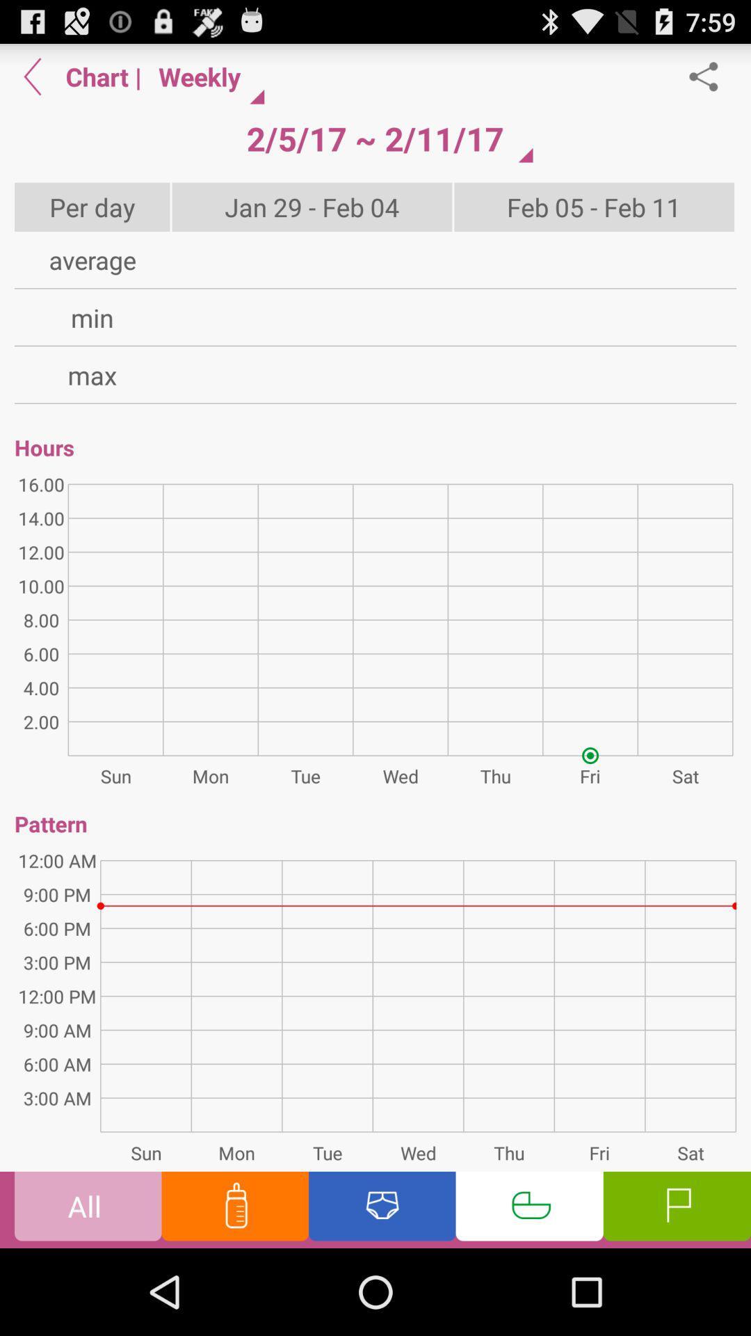  What do you see at coordinates (374, 138) in the screenshot?
I see `icon to the right of  |  item` at bounding box center [374, 138].